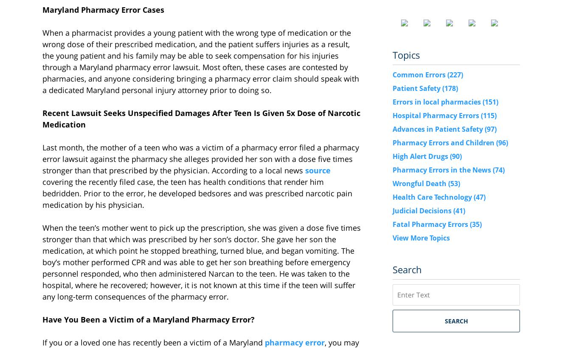 The image size is (573, 348). I want to click on 'Fatal Pharmacy Errors', so click(431, 224).